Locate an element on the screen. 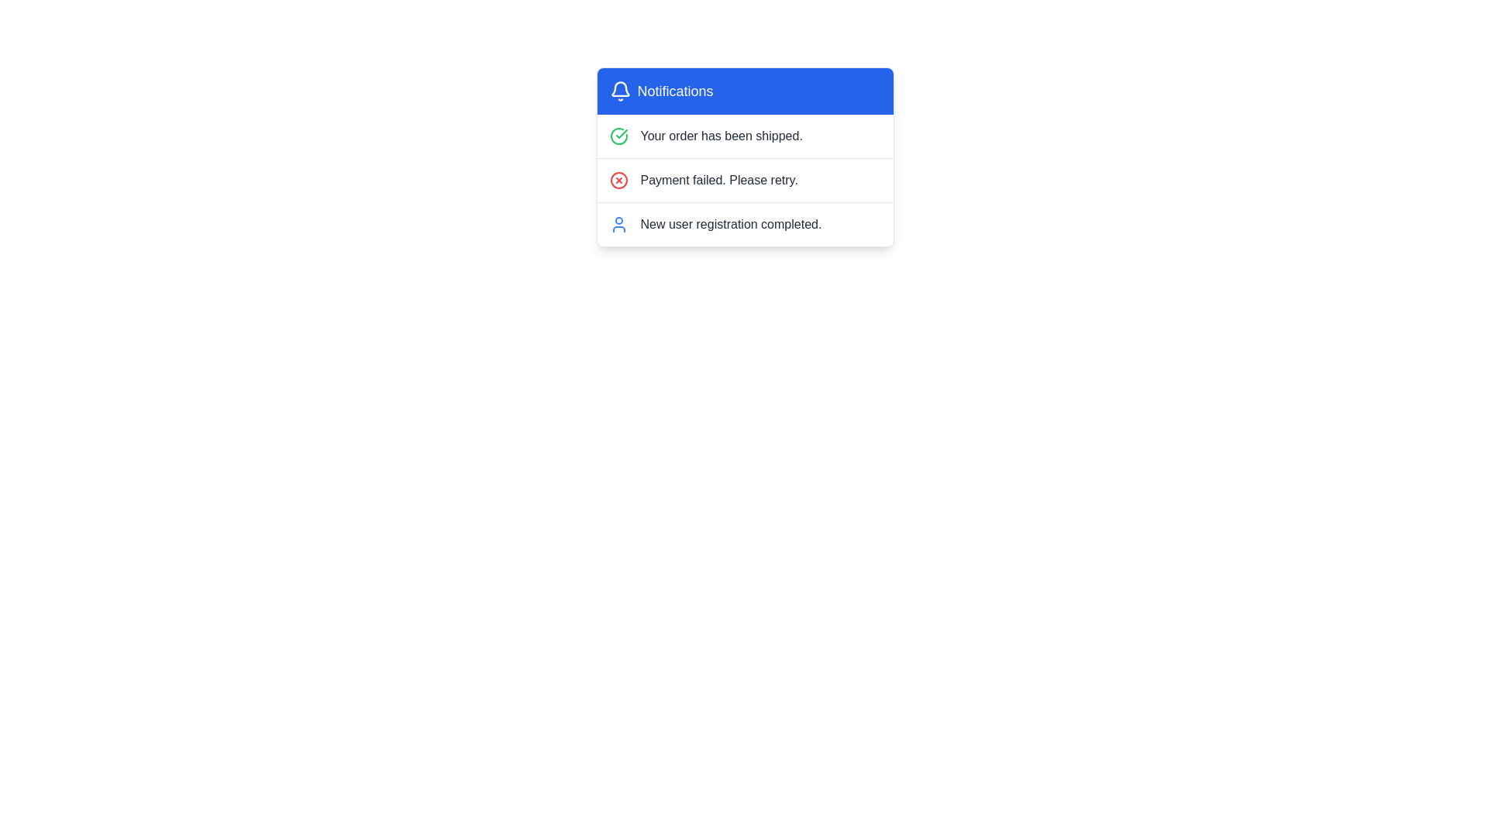  the error indication vector graphic icon located near the left side of the message 'Payment failed. Please retry.' within the notification panel is located at coordinates (618, 179).